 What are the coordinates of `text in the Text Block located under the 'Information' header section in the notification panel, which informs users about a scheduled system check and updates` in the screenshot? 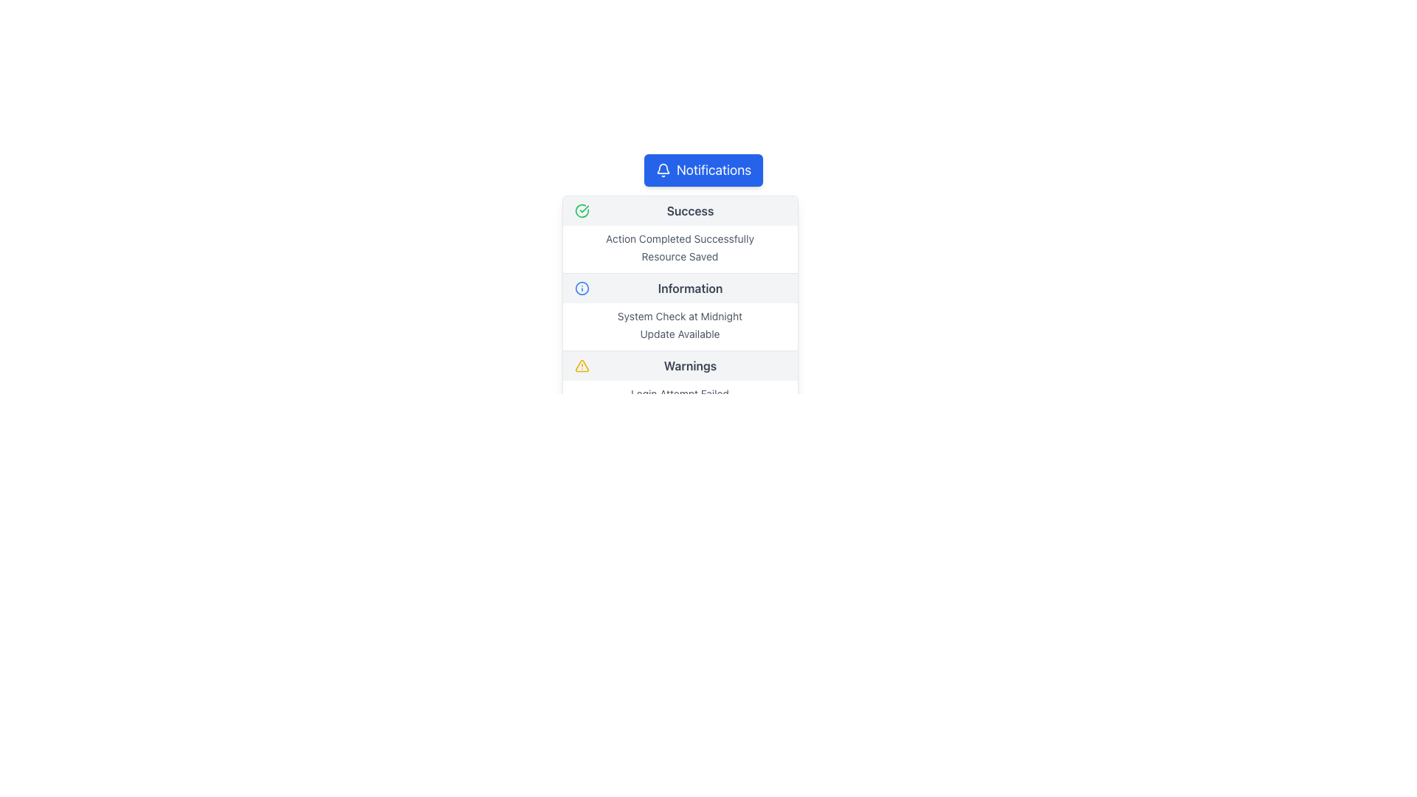 It's located at (679, 326).